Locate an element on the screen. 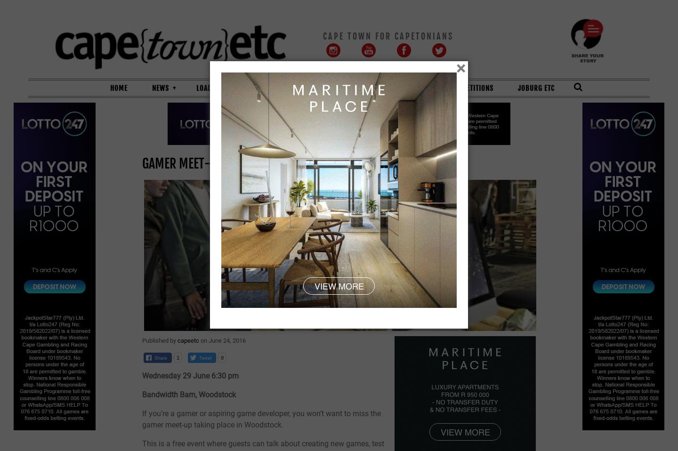 This screenshot has width=678, height=451. 'CAPE TOWN FOR CAPETONIANS' is located at coordinates (388, 35).